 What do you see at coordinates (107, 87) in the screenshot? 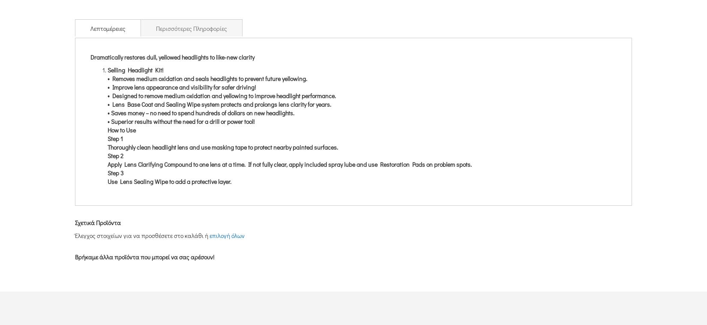
I see `'• Improve lens appearance and visibility for safer driving!'` at bounding box center [107, 87].